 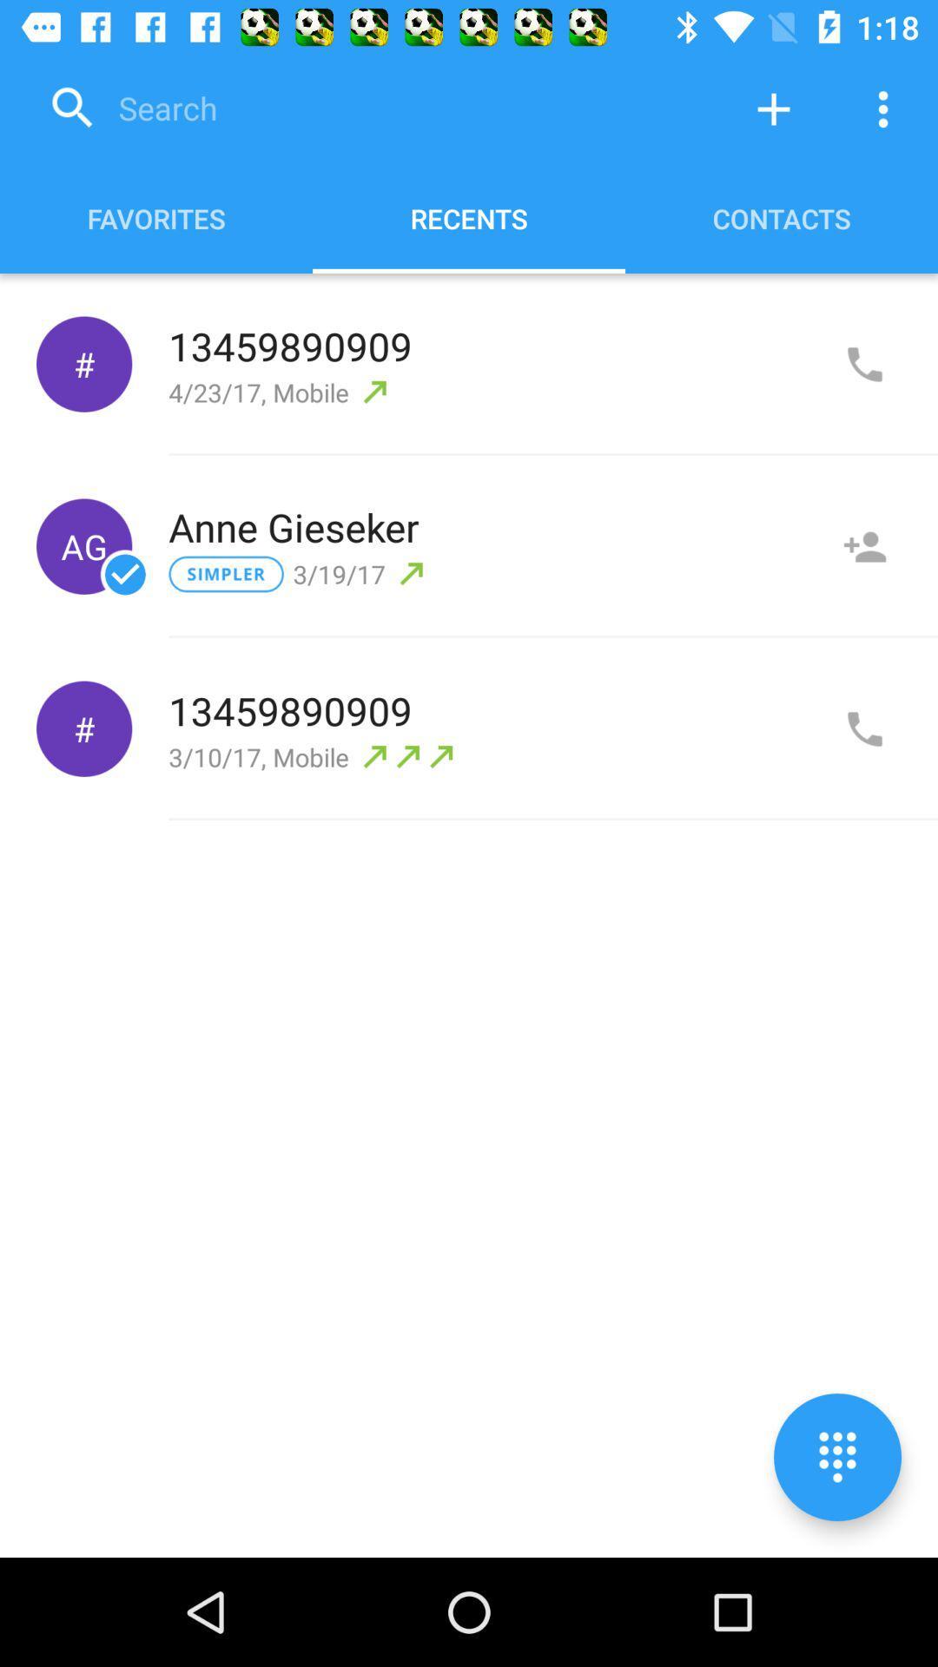 I want to click on phone call, so click(x=864, y=364).